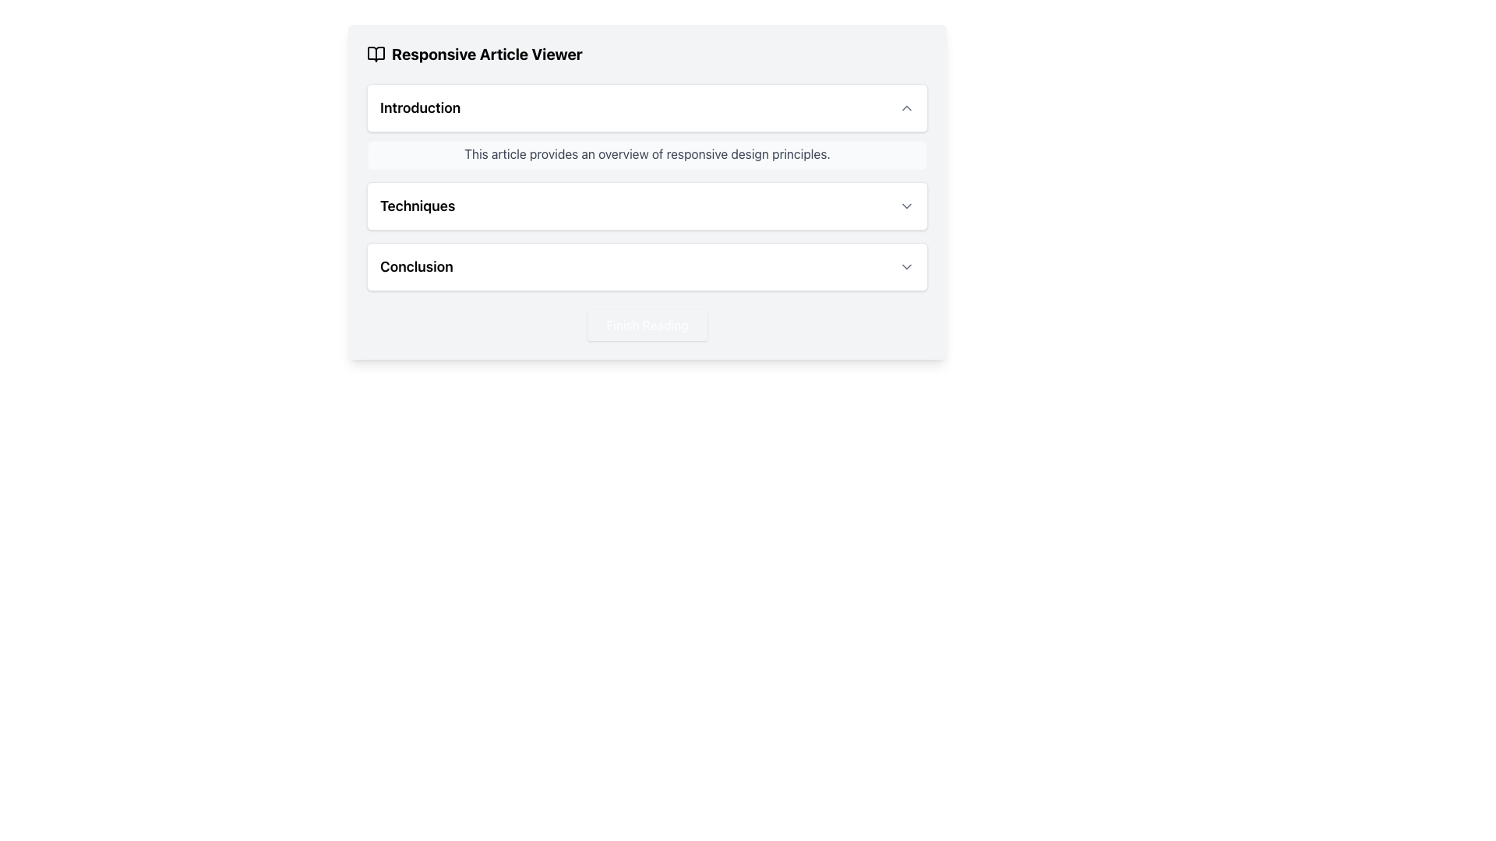  Describe the element at coordinates (418, 206) in the screenshot. I see `text from the header labeled 'Techniques' in the second section of the collapsible menu group, located on the left side, adjacent to the right-aligned chevron icon` at that location.